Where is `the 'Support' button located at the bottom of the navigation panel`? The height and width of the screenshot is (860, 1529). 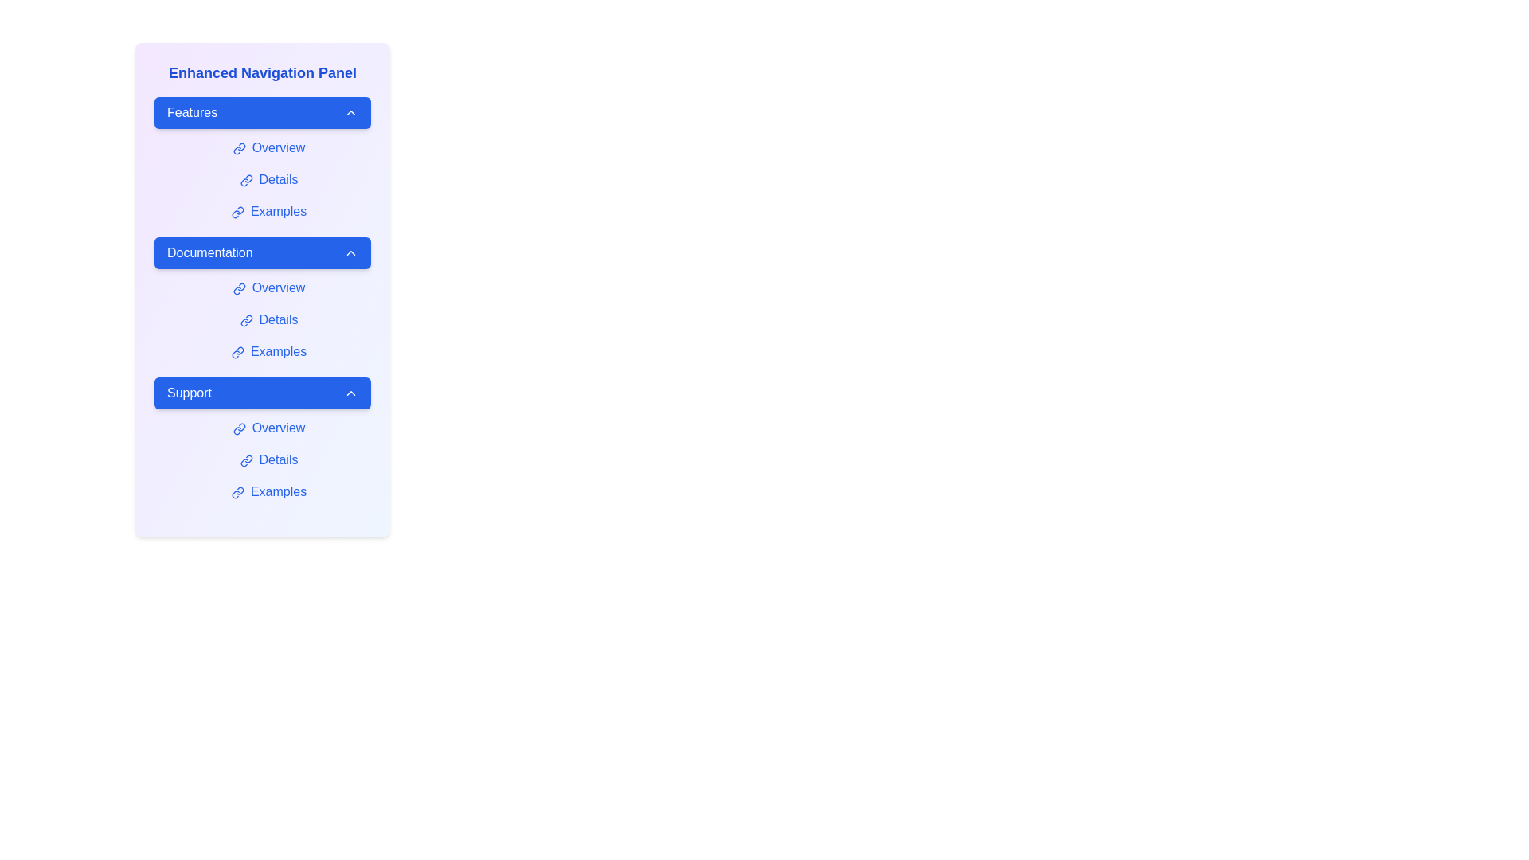 the 'Support' button located at the bottom of the navigation panel is located at coordinates (263, 393).